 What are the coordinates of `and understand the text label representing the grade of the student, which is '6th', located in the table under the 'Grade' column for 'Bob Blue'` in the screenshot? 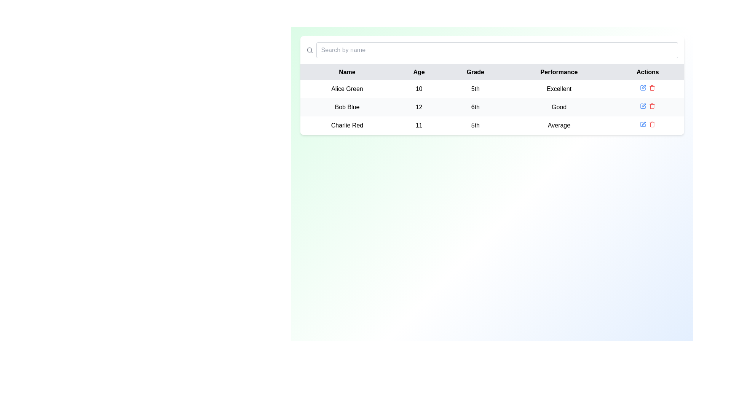 It's located at (475, 107).